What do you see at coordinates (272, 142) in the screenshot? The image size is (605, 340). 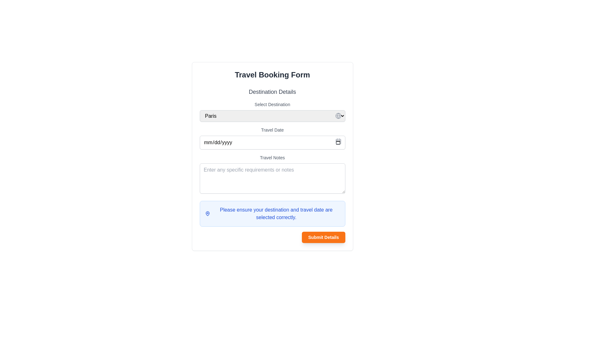 I see `the calendar icon located in the Date input field under the 'Travel Date' heading` at bounding box center [272, 142].